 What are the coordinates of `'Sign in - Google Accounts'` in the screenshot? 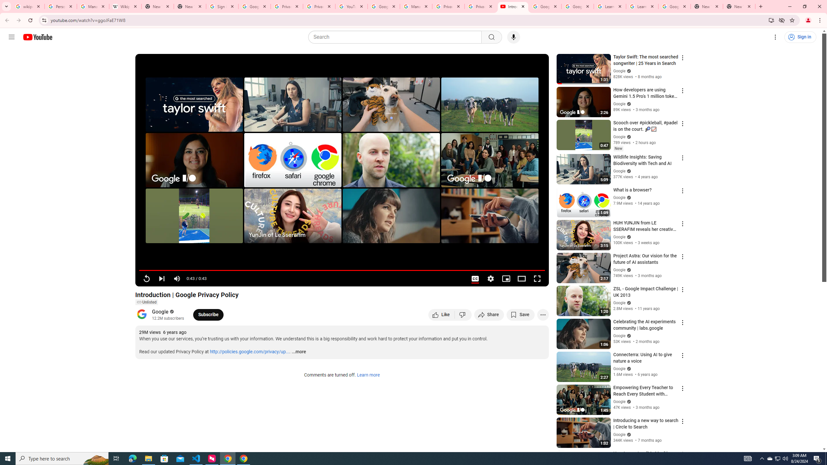 It's located at (222, 6).